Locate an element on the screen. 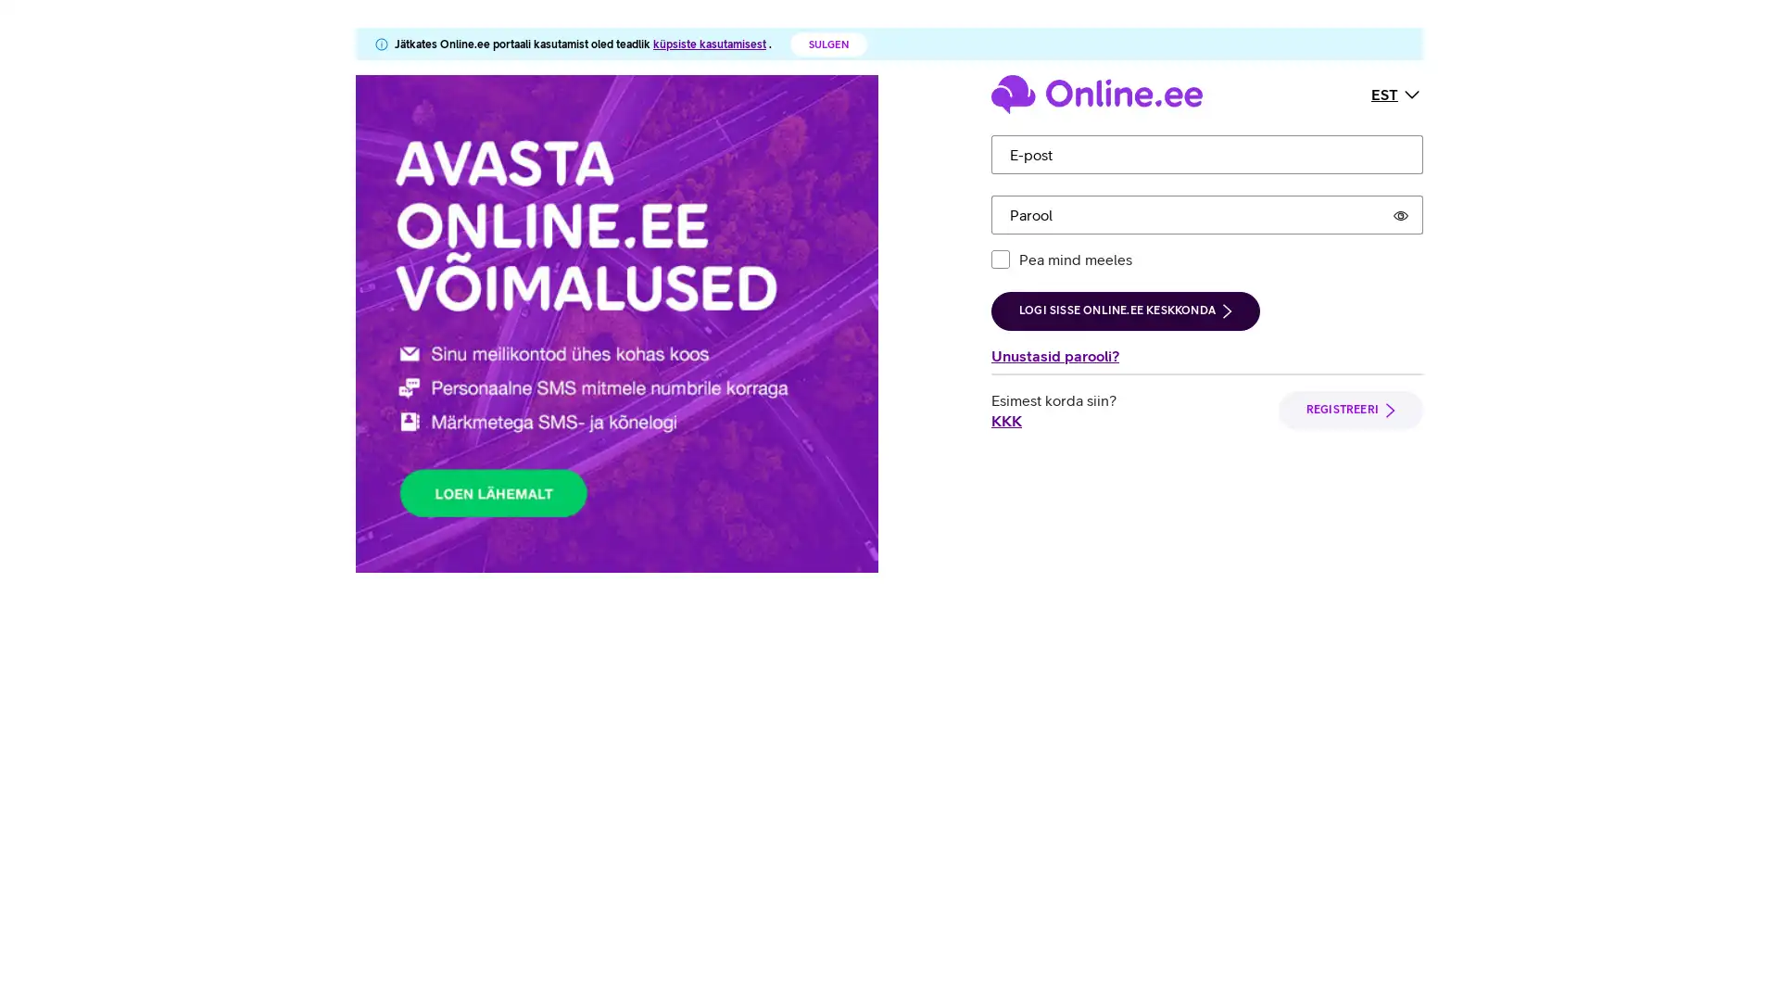 Image resolution: width=1779 pixels, height=1001 pixels. LOGI SISSE ONLINE.EE KESKKONDA is located at coordinates (1124, 310).